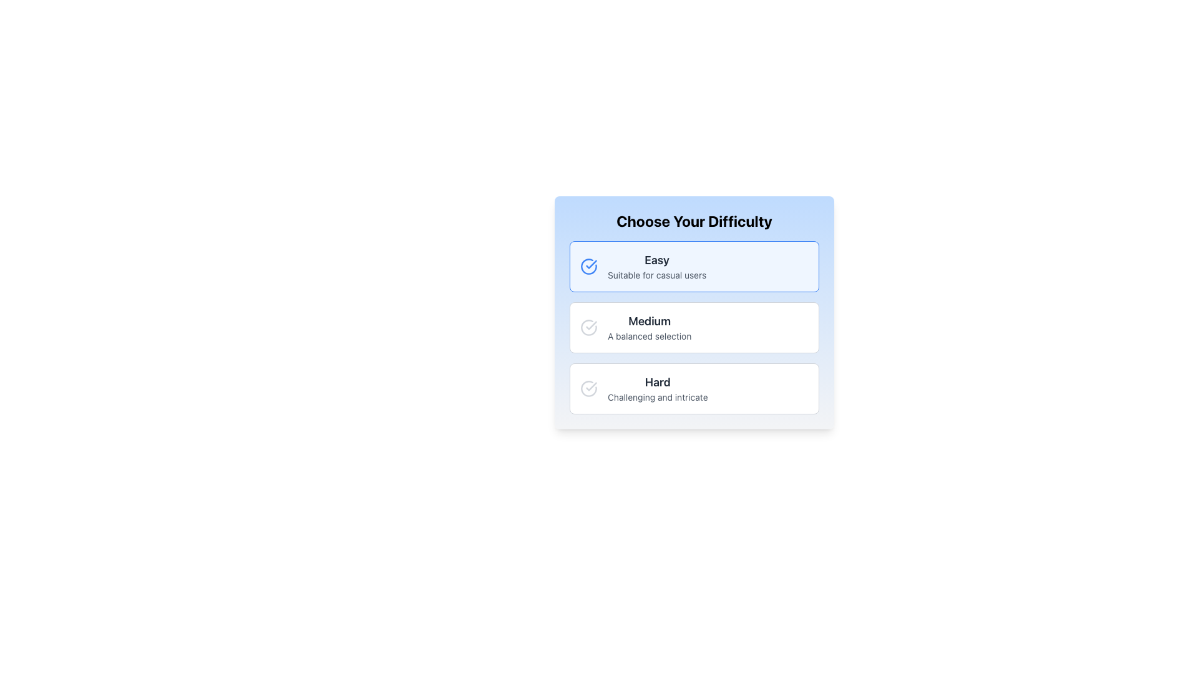 This screenshot has width=1198, height=673. What do you see at coordinates (656, 259) in the screenshot?
I see `the static text label indicating the 'Easy' option in the difficulty selection list, which is located directly under the heading 'Choose Your Difficulty'` at bounding box center [656, 259].